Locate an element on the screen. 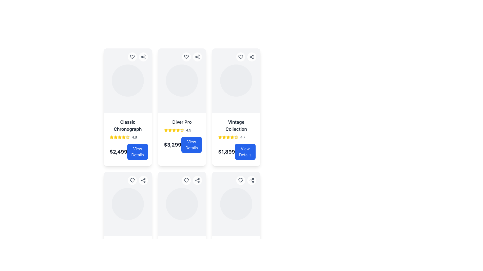 This screenshot has height=271, width=483. the button that displays additional details about the product 'Diver Pro' located in the middle product card of the grid layout, below the product title and rating section to observe the hover effect is located at coordinates (182, 145).